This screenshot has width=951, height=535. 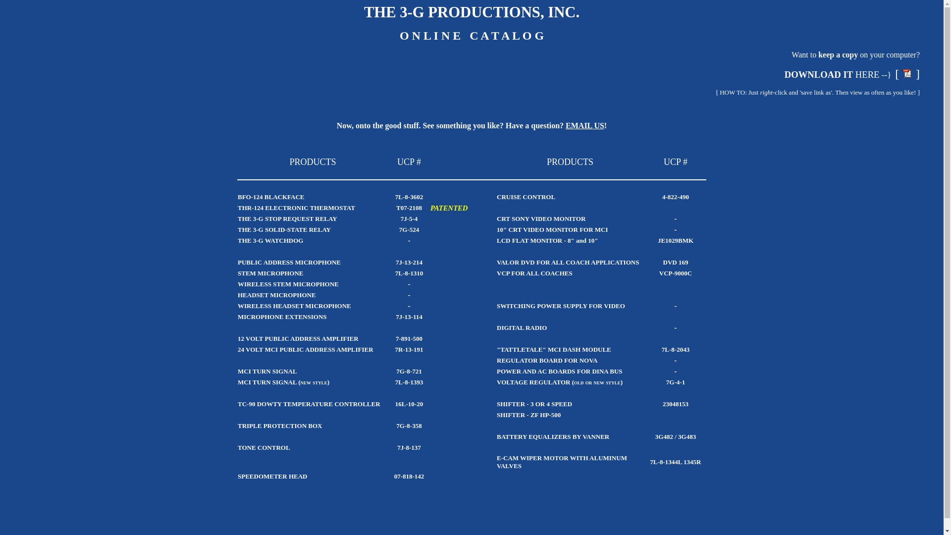 What do you see at coordinates (267, 371) in the screenshot?
I see `'MCI TURN SIGNAL'` at bounding box center [267, 371].